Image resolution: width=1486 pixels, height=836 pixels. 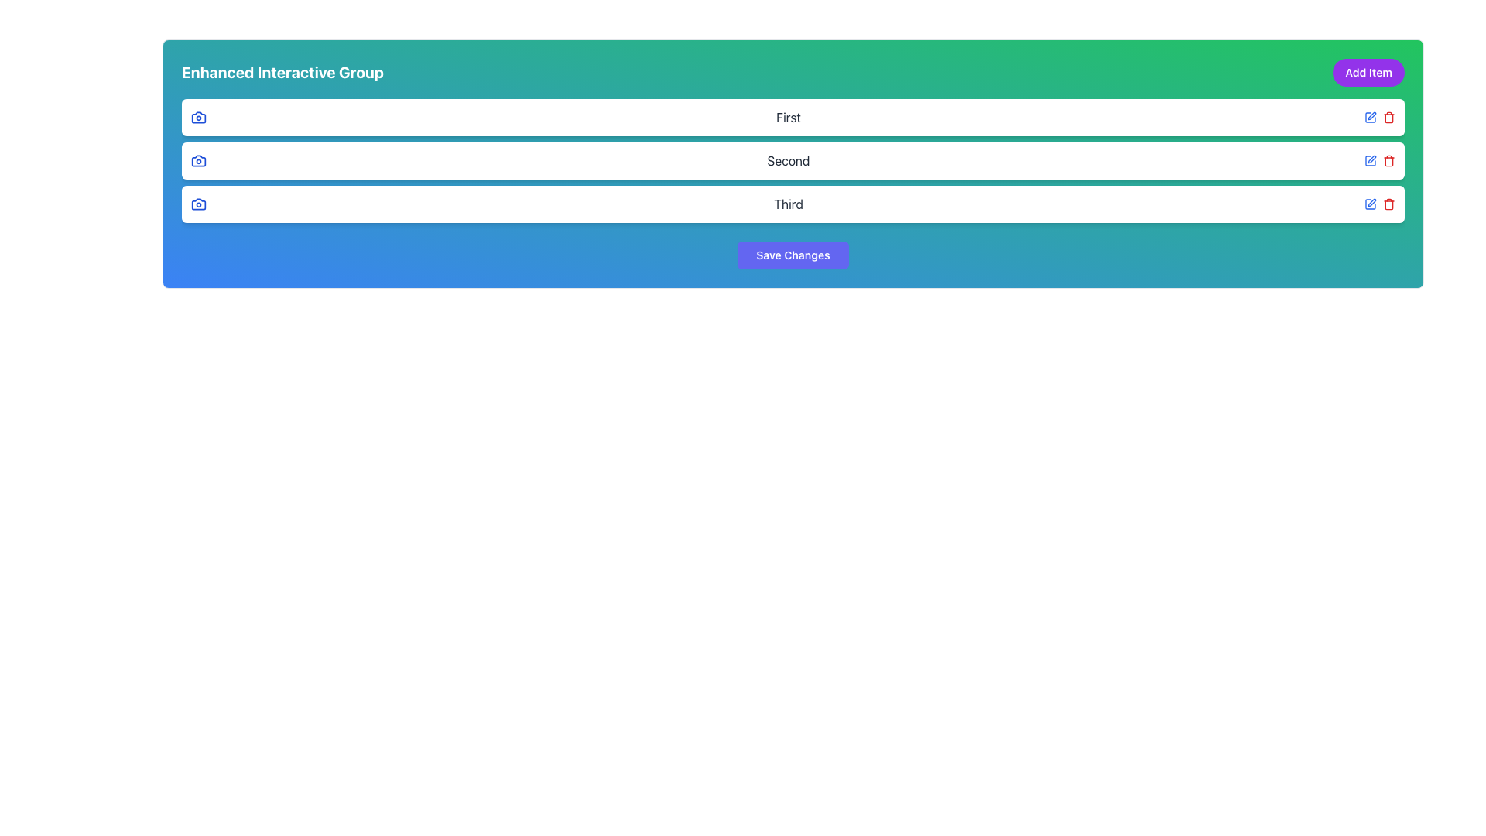 What do you see at coordinates (1371, 116) in the screenshot?
I see `the small blue pencil icon located on the right side of the 'First' entry in the list to initiate editing` at bounding box center [1371, 116].